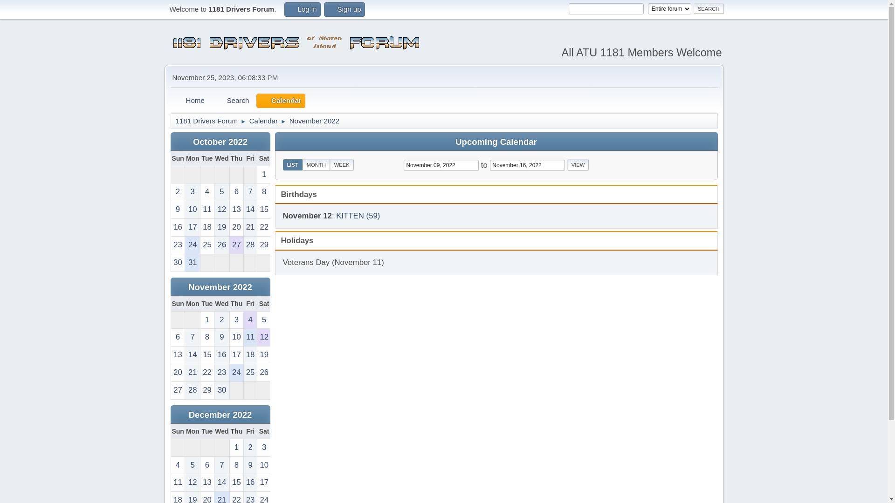  Describe the element at coordinates (496, 142) in the screenshot. I see `'Upcoming Calendar'` at that location.